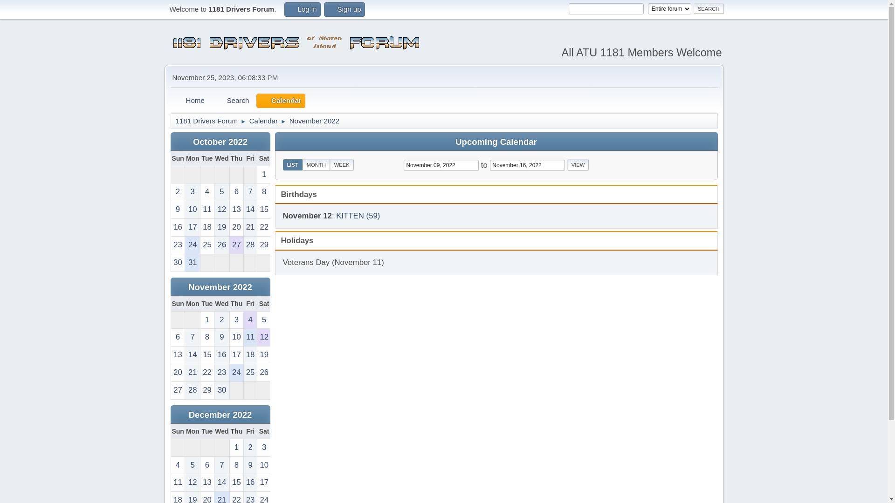  Describe the element at coordinates (496, 142) in the screenshot. I see `'Upcoming Calendar'` at that location.